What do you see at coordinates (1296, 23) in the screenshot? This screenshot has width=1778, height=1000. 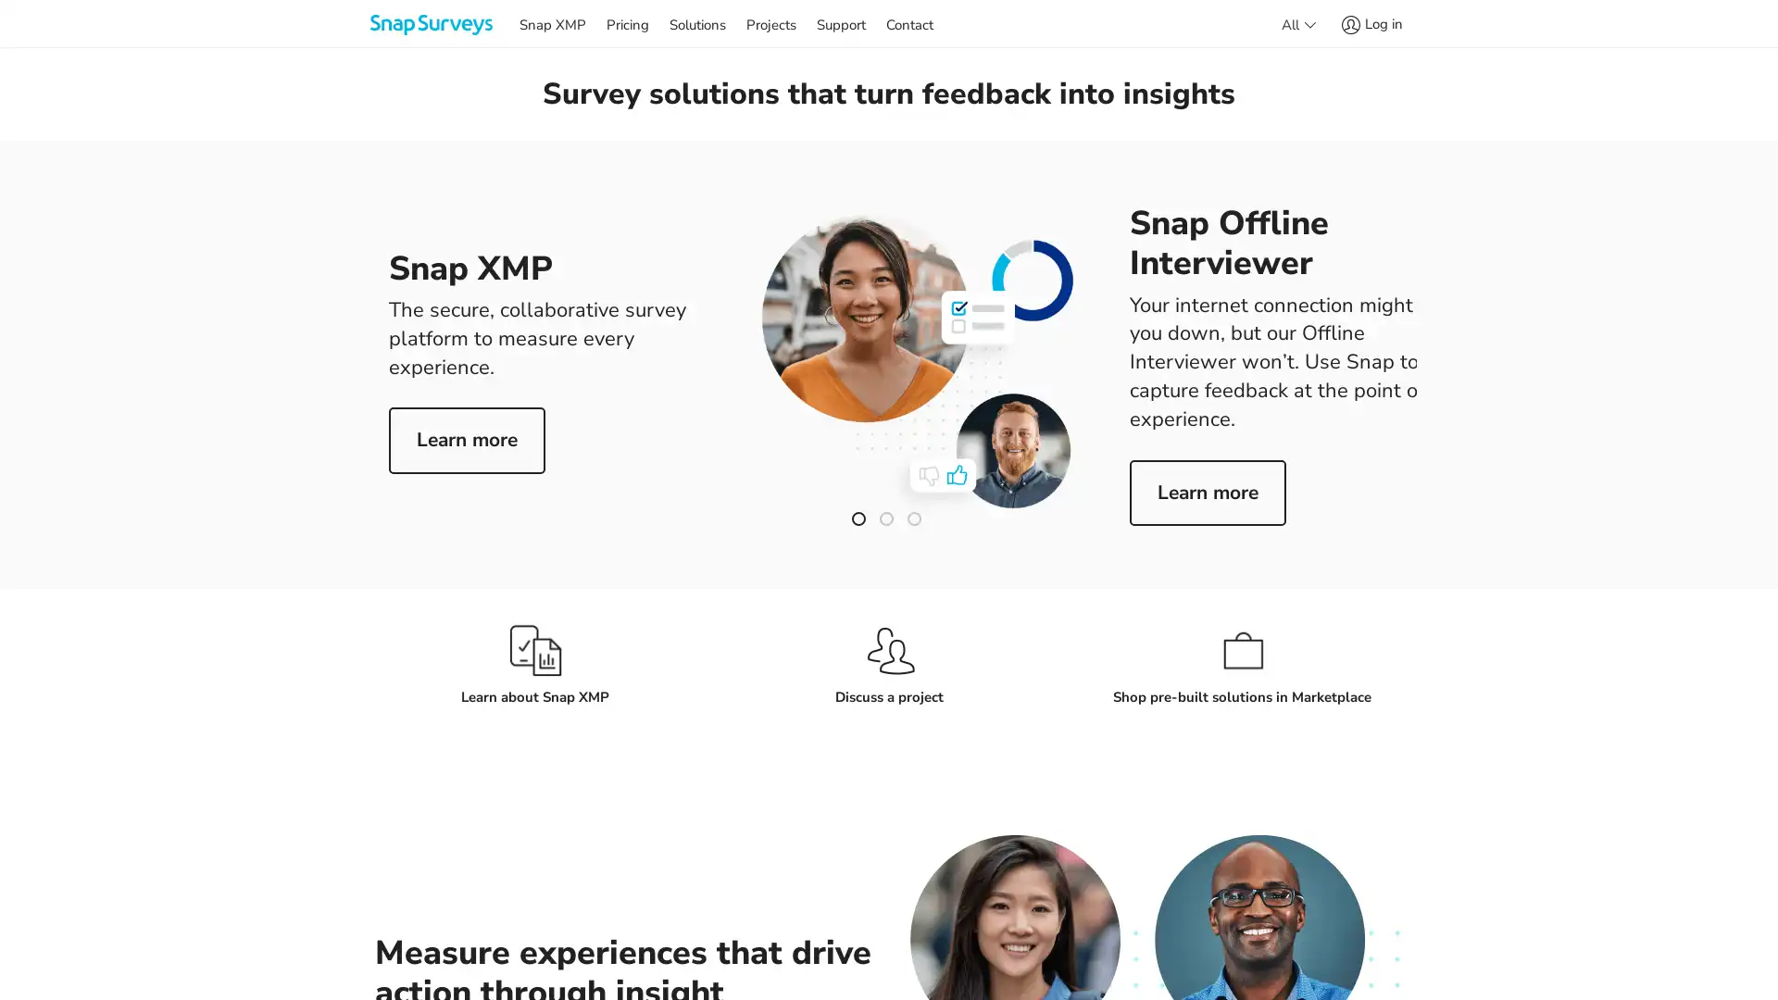 I see `All Snap Surveys - Expand to see list of Snap Surveys products and services` at bounding box center [1296, 23].